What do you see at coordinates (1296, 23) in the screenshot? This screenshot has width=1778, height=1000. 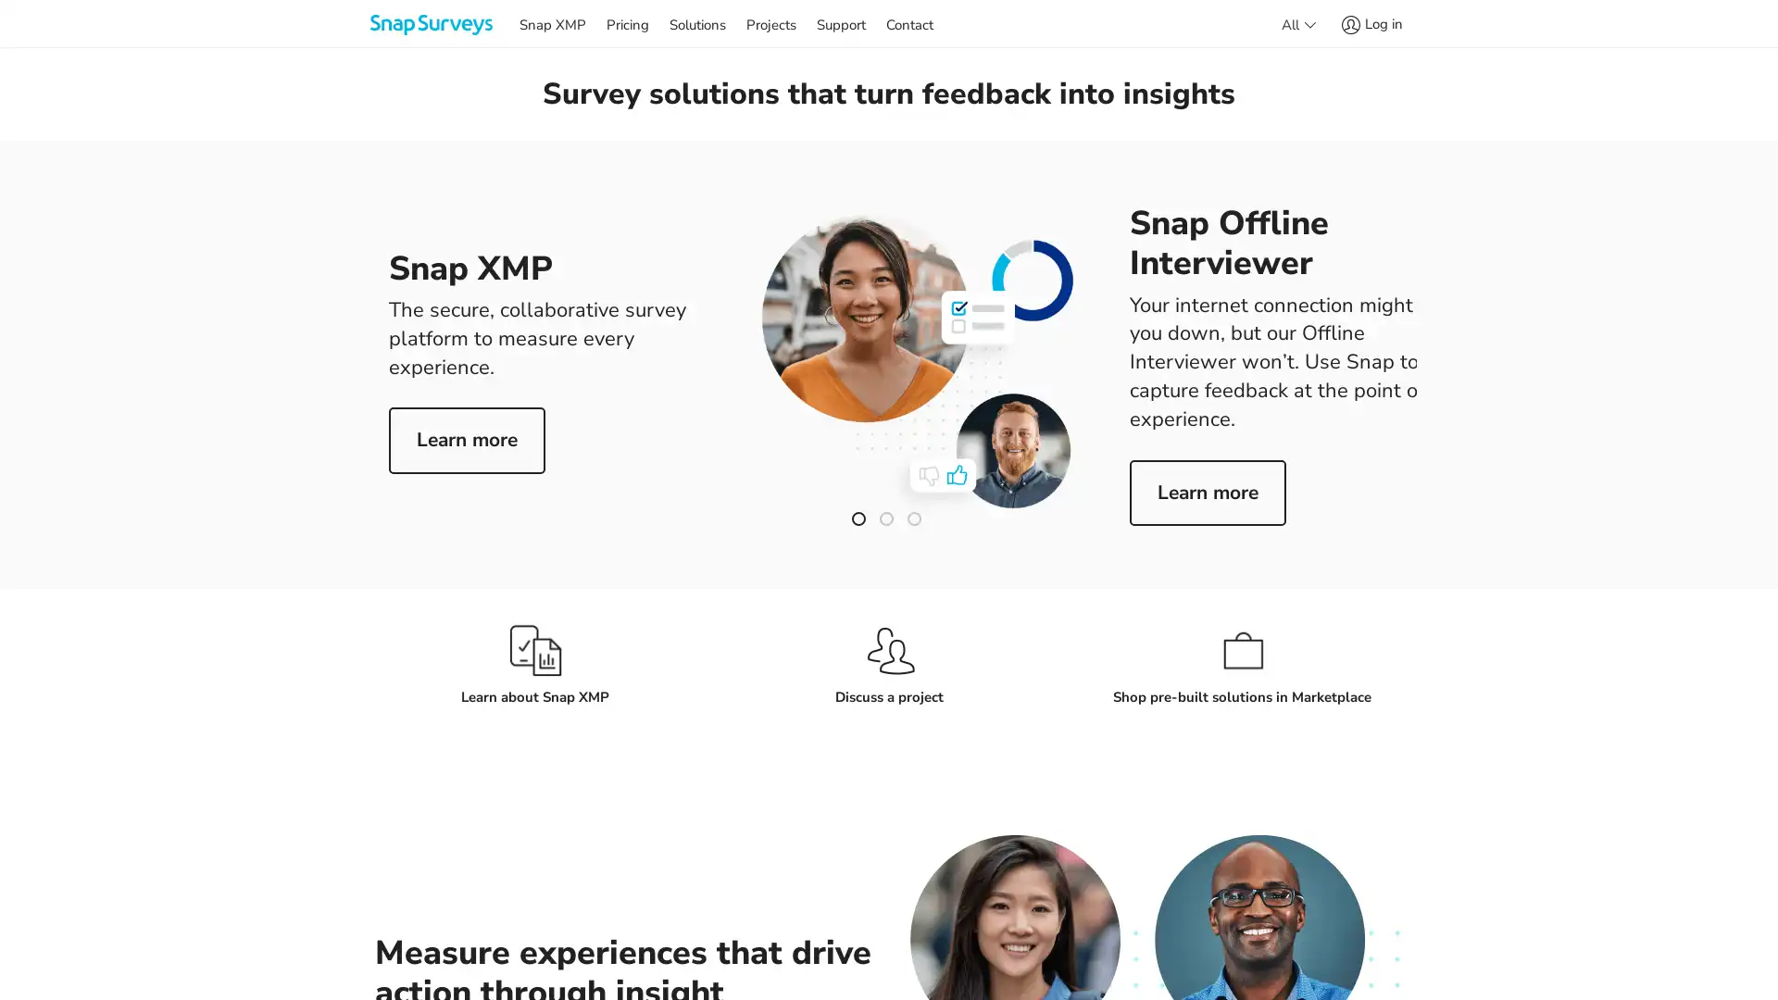 I see `All Snap Surveys - Expand to see list of Snap Surveys products and services` at bounding box center [1296, 23].